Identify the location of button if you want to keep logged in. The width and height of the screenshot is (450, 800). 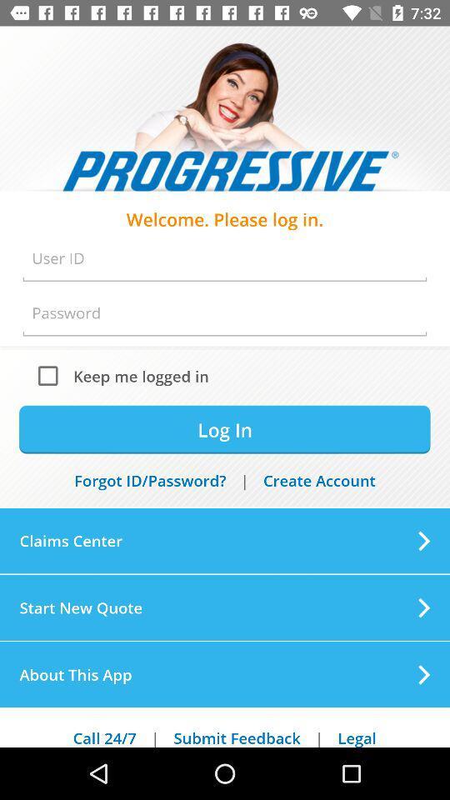
(52, 375).